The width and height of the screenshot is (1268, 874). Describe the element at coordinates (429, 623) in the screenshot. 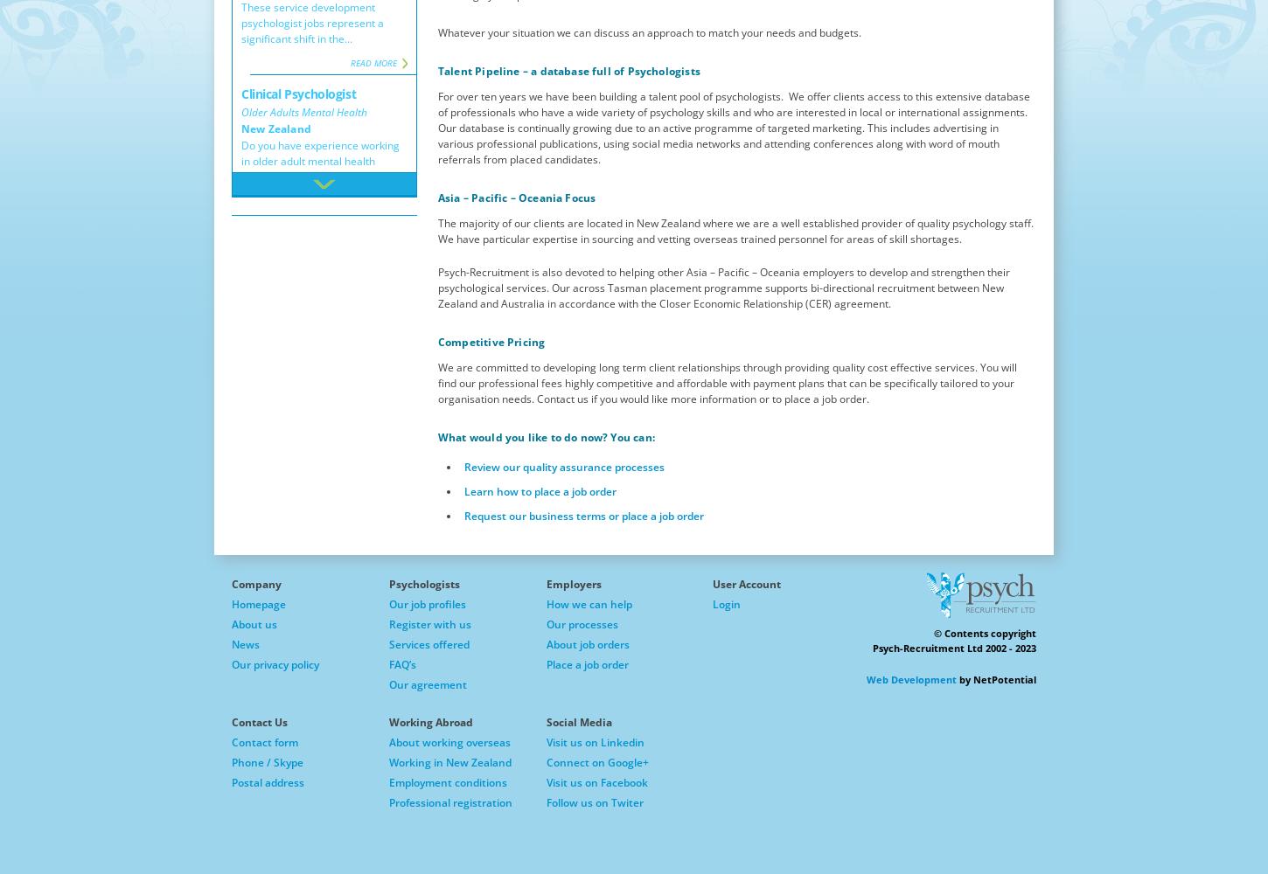

I see `'Register with us'` at that location.